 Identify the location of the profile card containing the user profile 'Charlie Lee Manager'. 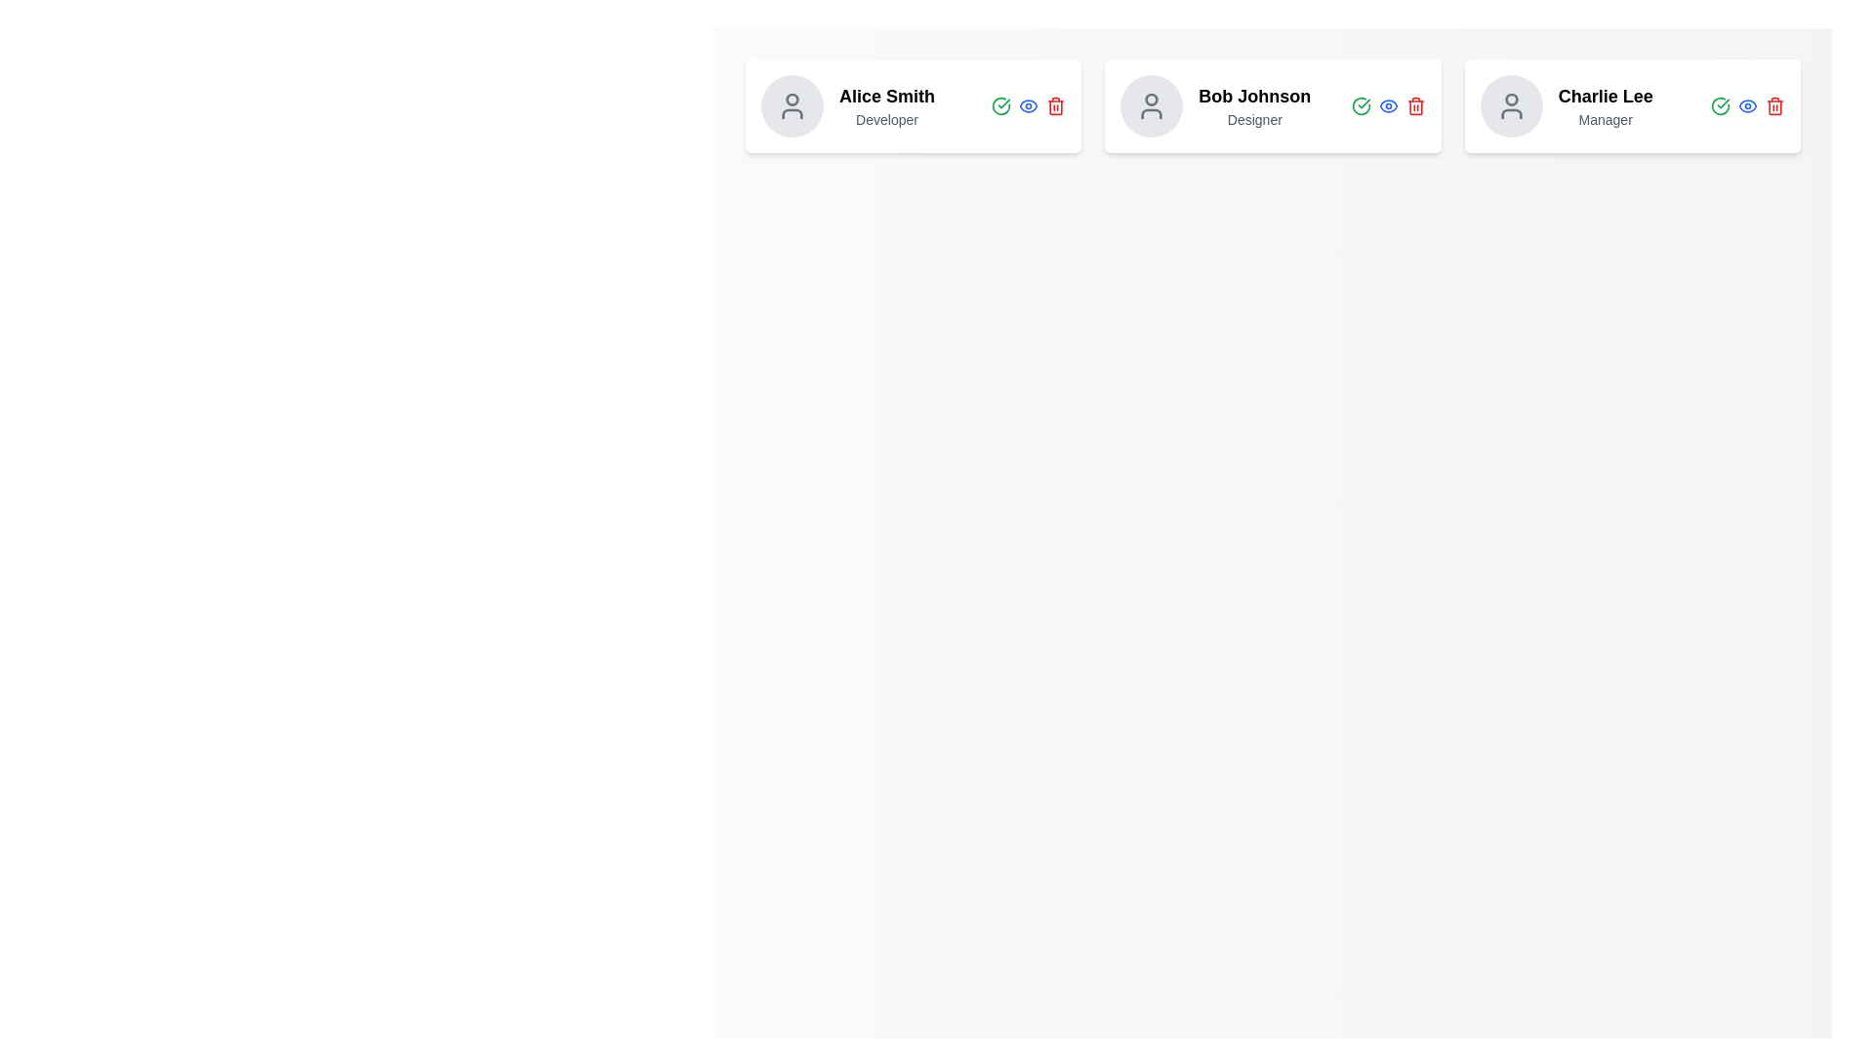
(1567, 105).